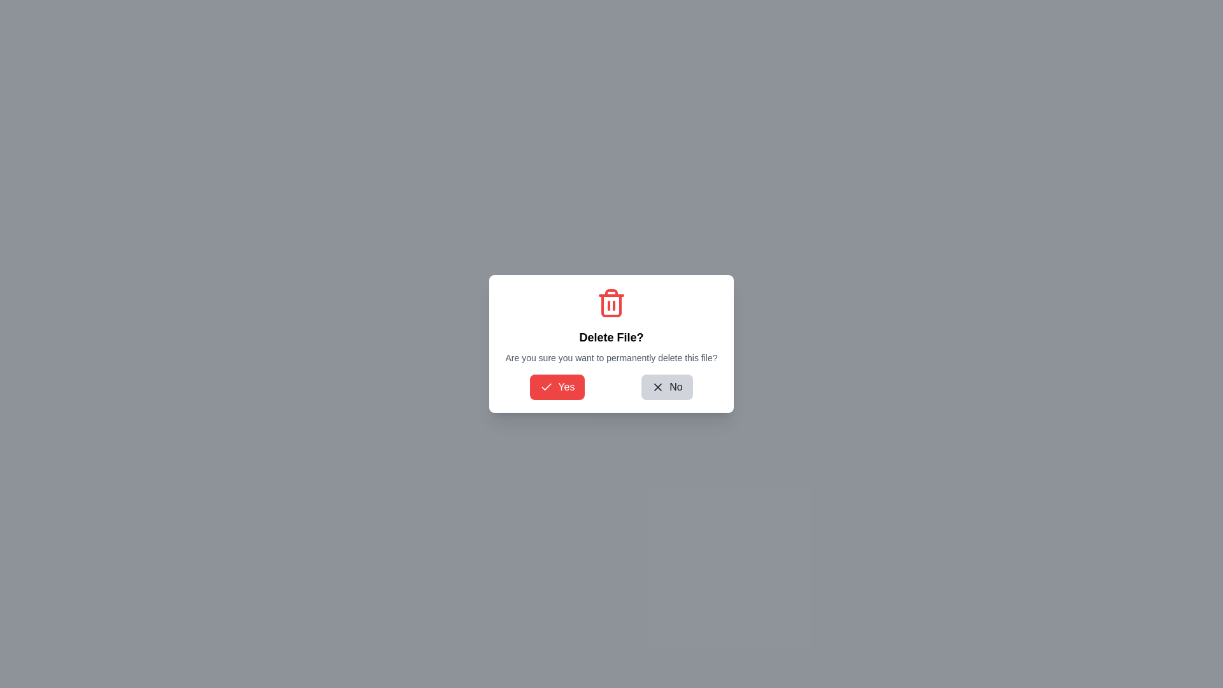 This screenshot has width=1223, height=688. I want to click on the 'No' button, which is part of the decision button group with contrasting styles, so click(611, 387).